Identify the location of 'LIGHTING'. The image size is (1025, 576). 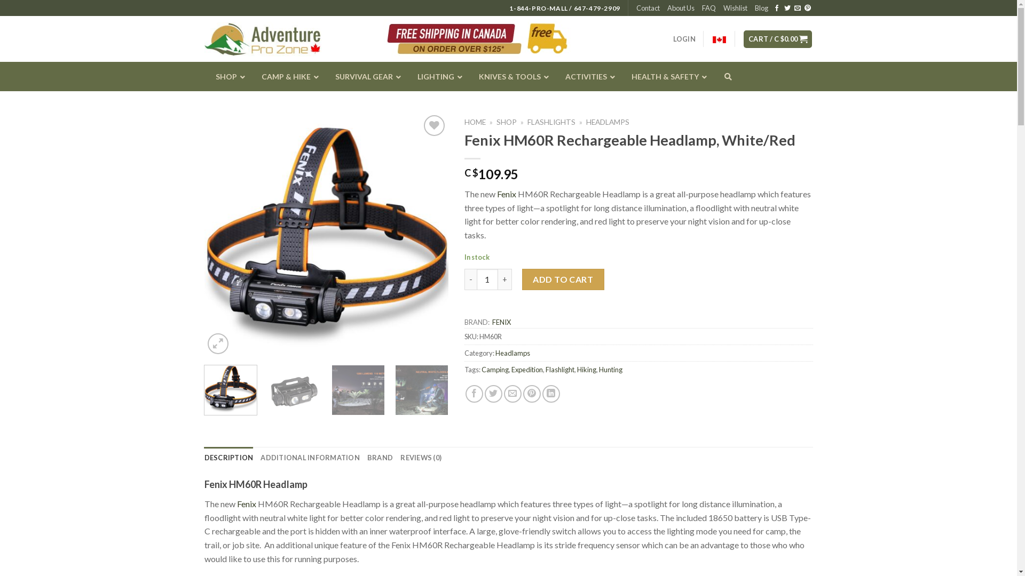
(405, 76).